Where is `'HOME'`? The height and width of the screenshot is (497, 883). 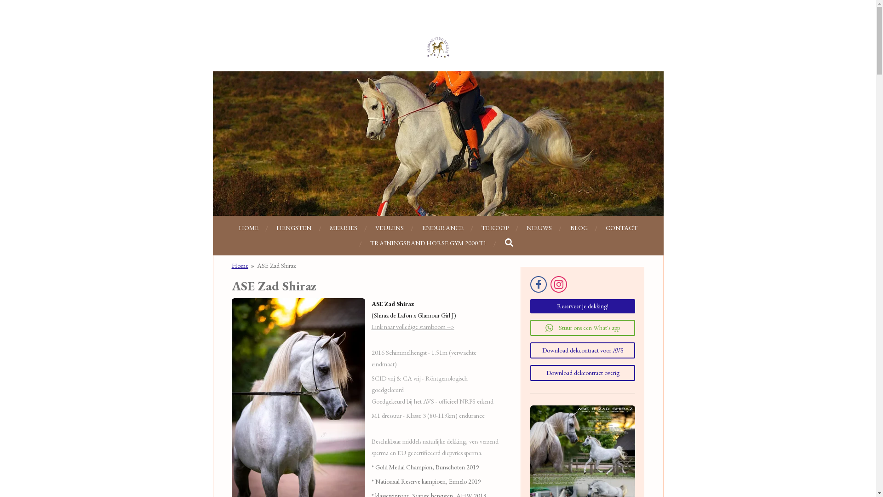 'HOME' is located at coordinates (248, 228).